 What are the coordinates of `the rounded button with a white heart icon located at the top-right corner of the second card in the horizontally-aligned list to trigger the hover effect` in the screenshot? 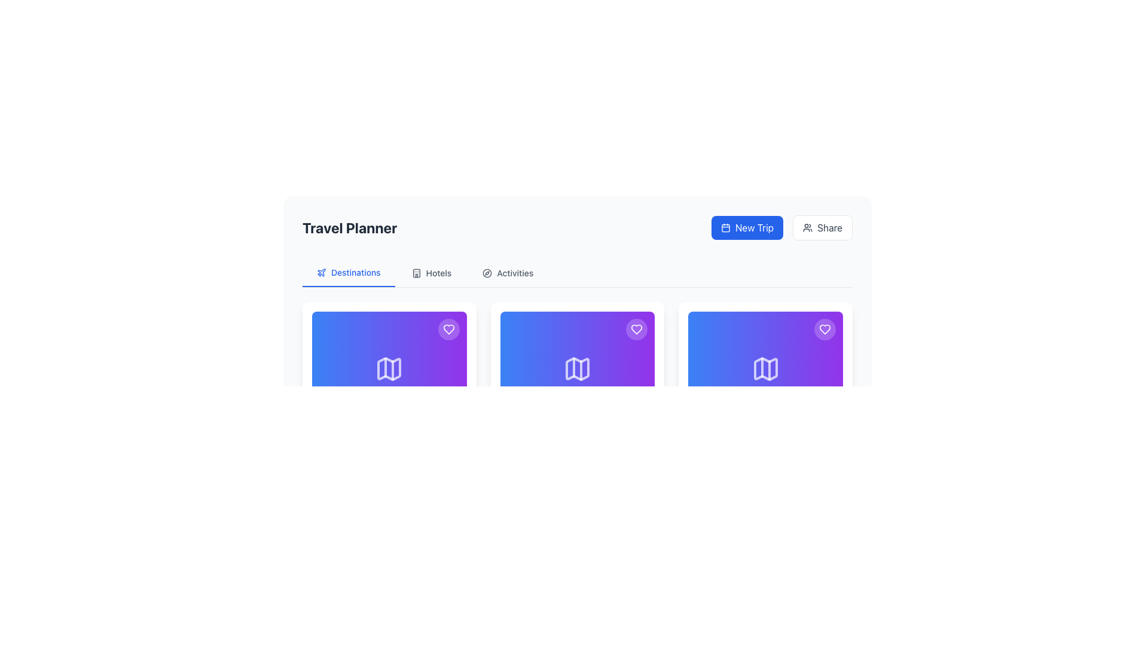 It's located at (636, 330).